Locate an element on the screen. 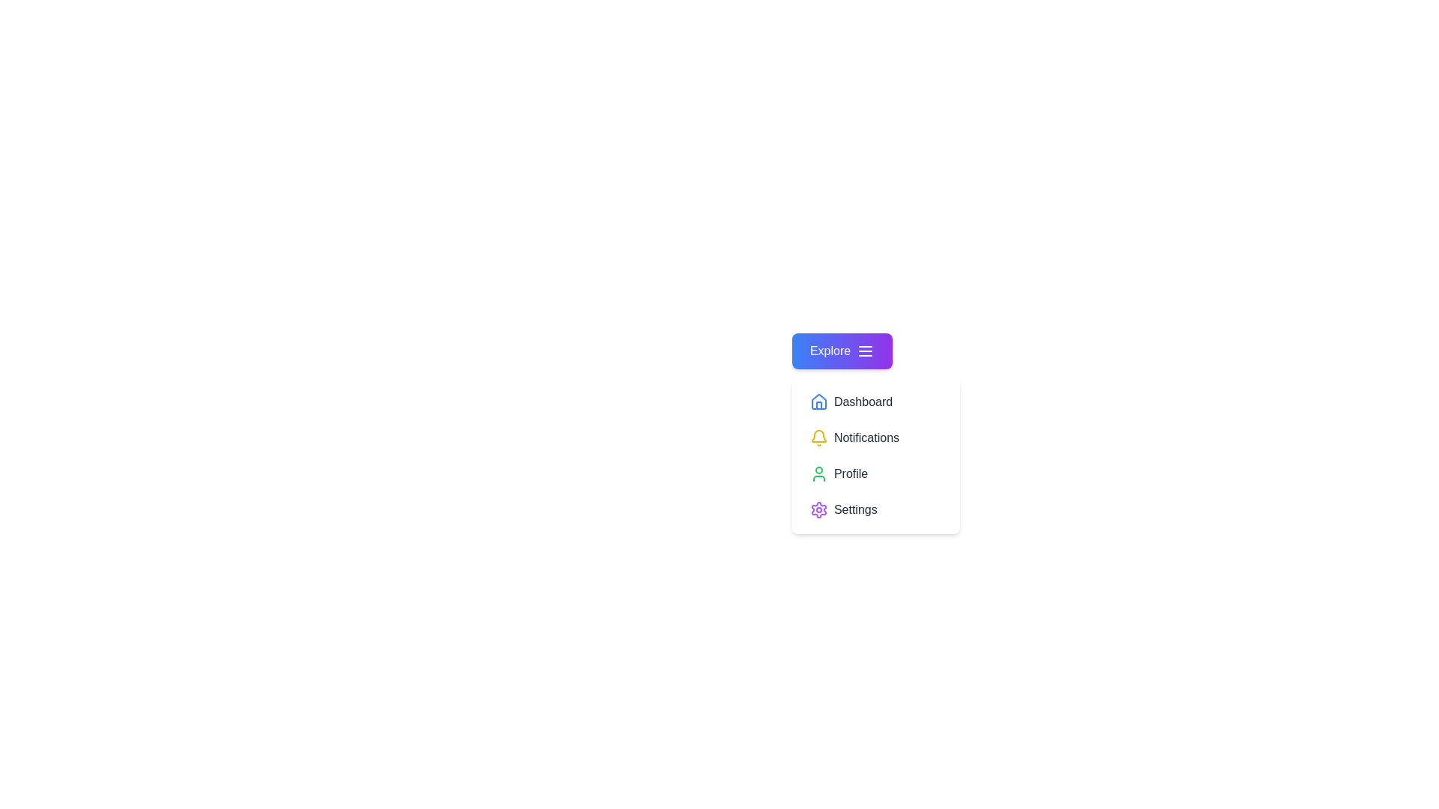 The width and height of the screenshot is (1439, 809). the 'Explore' button to toggle the menu visibility is located at coordinates (842, 351).